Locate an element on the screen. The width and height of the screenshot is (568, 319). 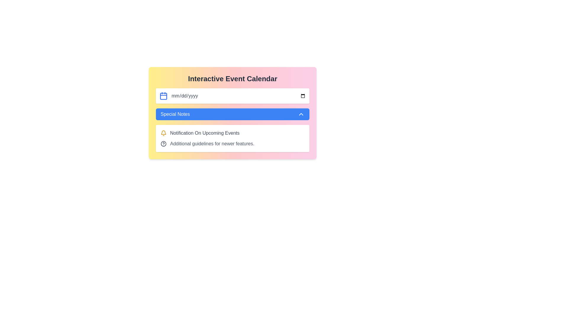
the informational label that conveys notifications about upcoming events, located below the bell icon and above the text 'Additional guidelines for newer features' is located at coordinates (205, 133).